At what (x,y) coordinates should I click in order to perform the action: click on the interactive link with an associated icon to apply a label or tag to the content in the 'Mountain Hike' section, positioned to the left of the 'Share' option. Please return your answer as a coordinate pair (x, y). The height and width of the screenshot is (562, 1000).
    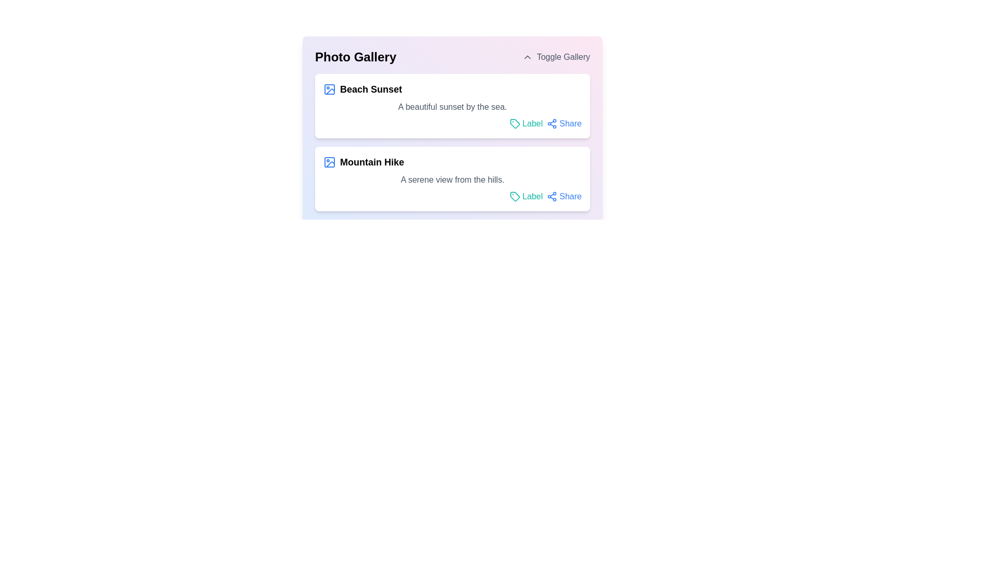
    Looking at the image, I should click on (526, 197).